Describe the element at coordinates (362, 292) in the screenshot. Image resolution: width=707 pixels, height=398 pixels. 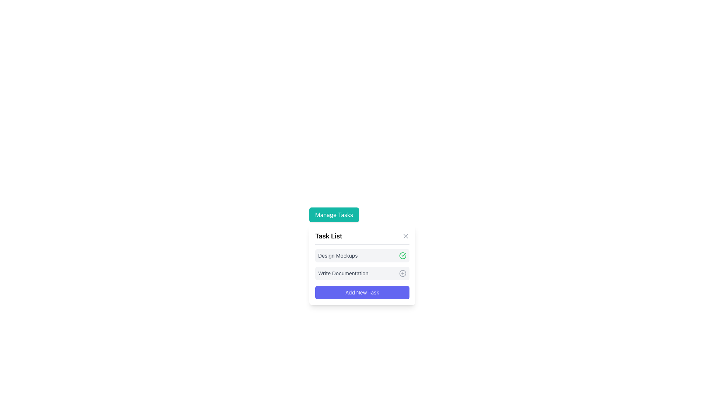
I see `the 'Add New Task' button located at the bottom of the task management interface, beneath the listed tasks 'Design Mockups' and 'Write Documentation'` at that location.